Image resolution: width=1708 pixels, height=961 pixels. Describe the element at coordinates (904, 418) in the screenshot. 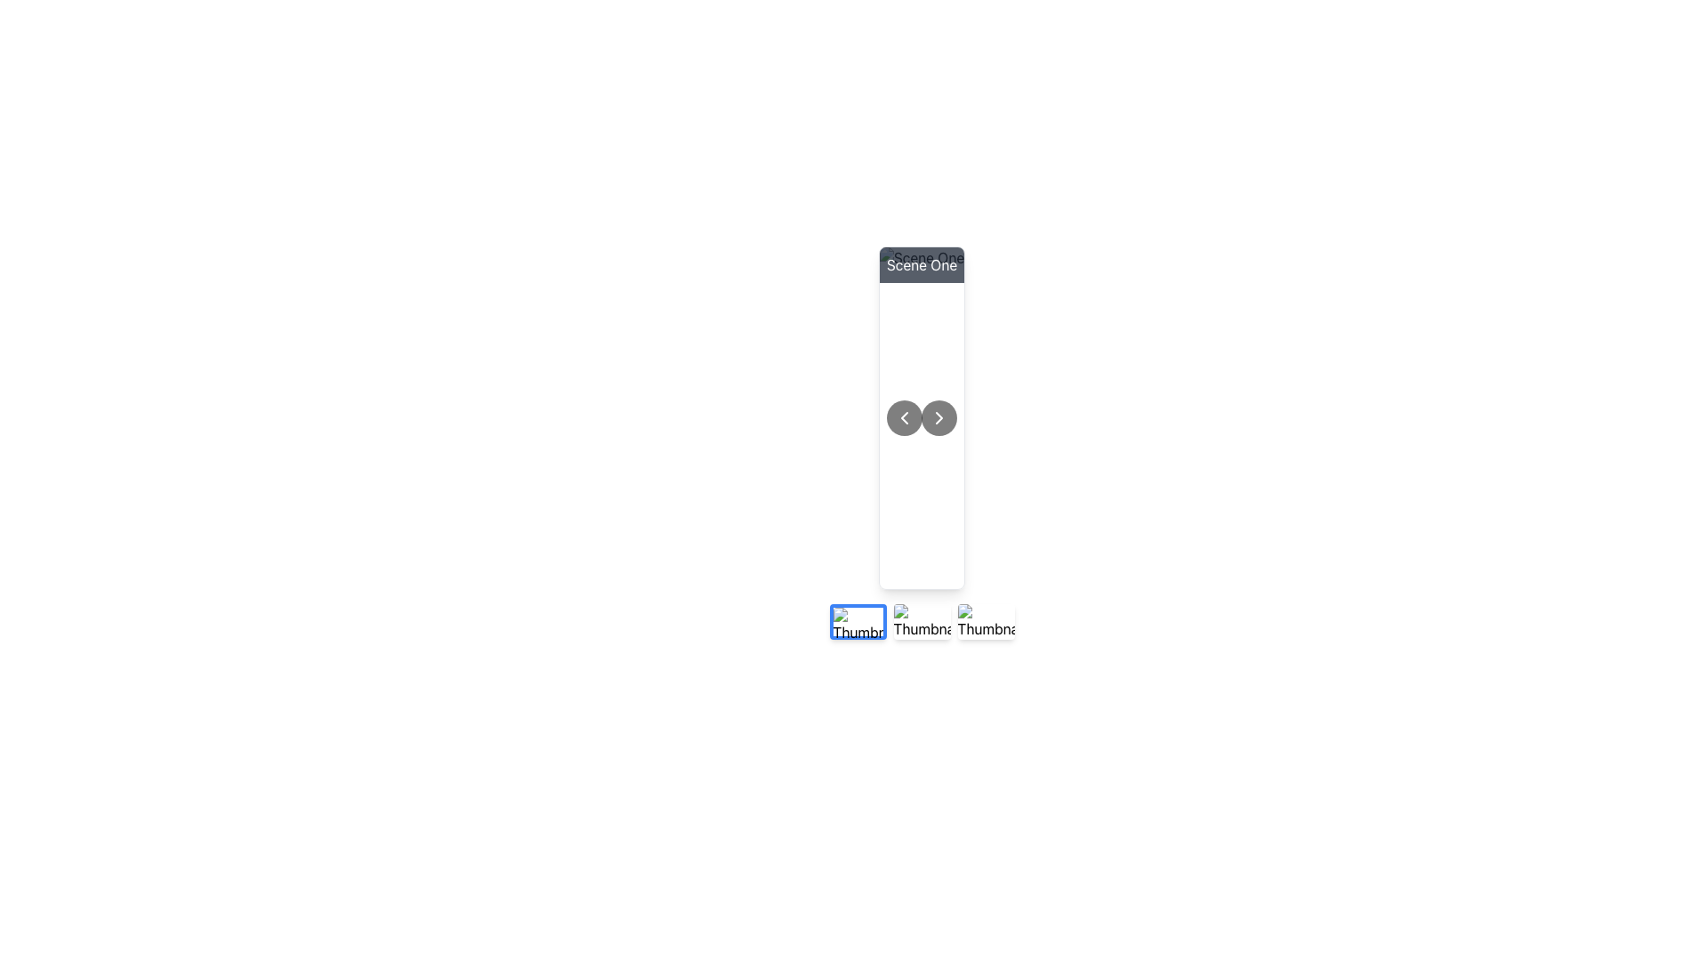

I see `the navigation button located in the central vertical area of the 'Scene One' card, positioned to the left of the right-facing chevron button` at that location.